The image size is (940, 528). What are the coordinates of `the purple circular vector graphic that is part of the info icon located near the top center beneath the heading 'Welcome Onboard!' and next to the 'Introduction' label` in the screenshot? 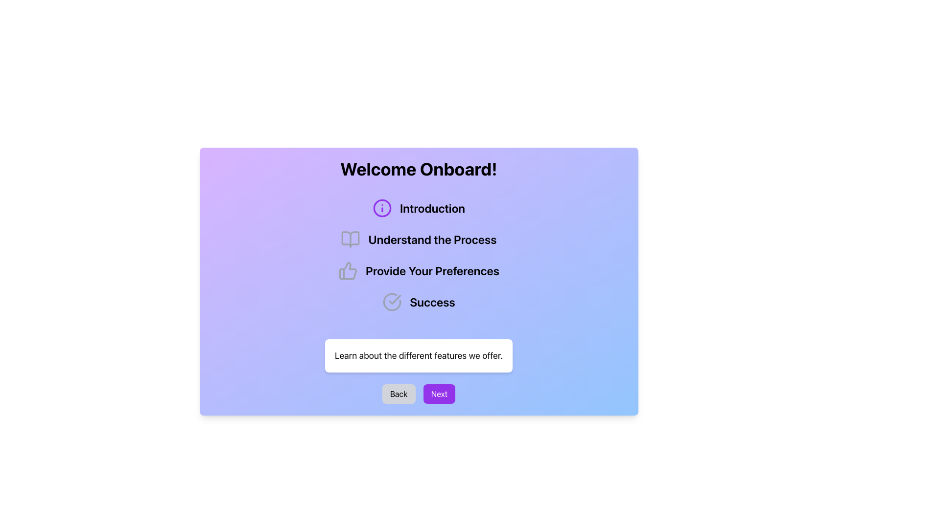 It's located at (381, 207).